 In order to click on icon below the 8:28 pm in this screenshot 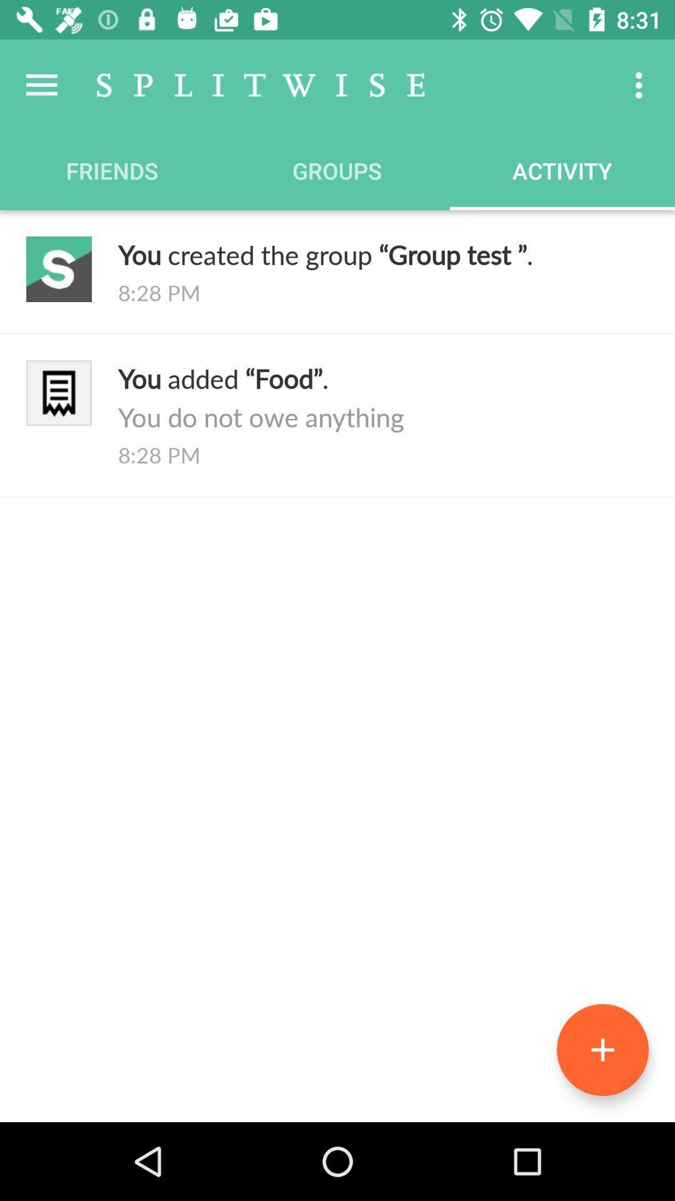, I will do `click(602, 1050)`.